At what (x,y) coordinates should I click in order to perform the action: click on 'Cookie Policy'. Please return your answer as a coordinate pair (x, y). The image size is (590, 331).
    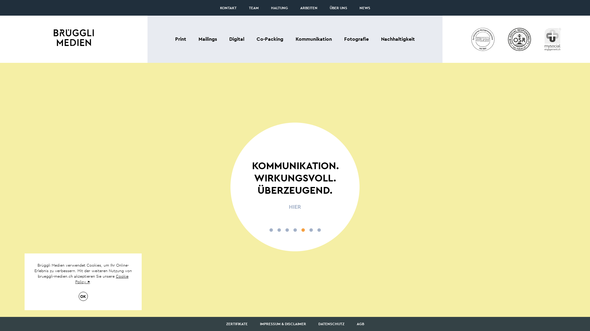
    Looking at the image, I should click on (75, 279).